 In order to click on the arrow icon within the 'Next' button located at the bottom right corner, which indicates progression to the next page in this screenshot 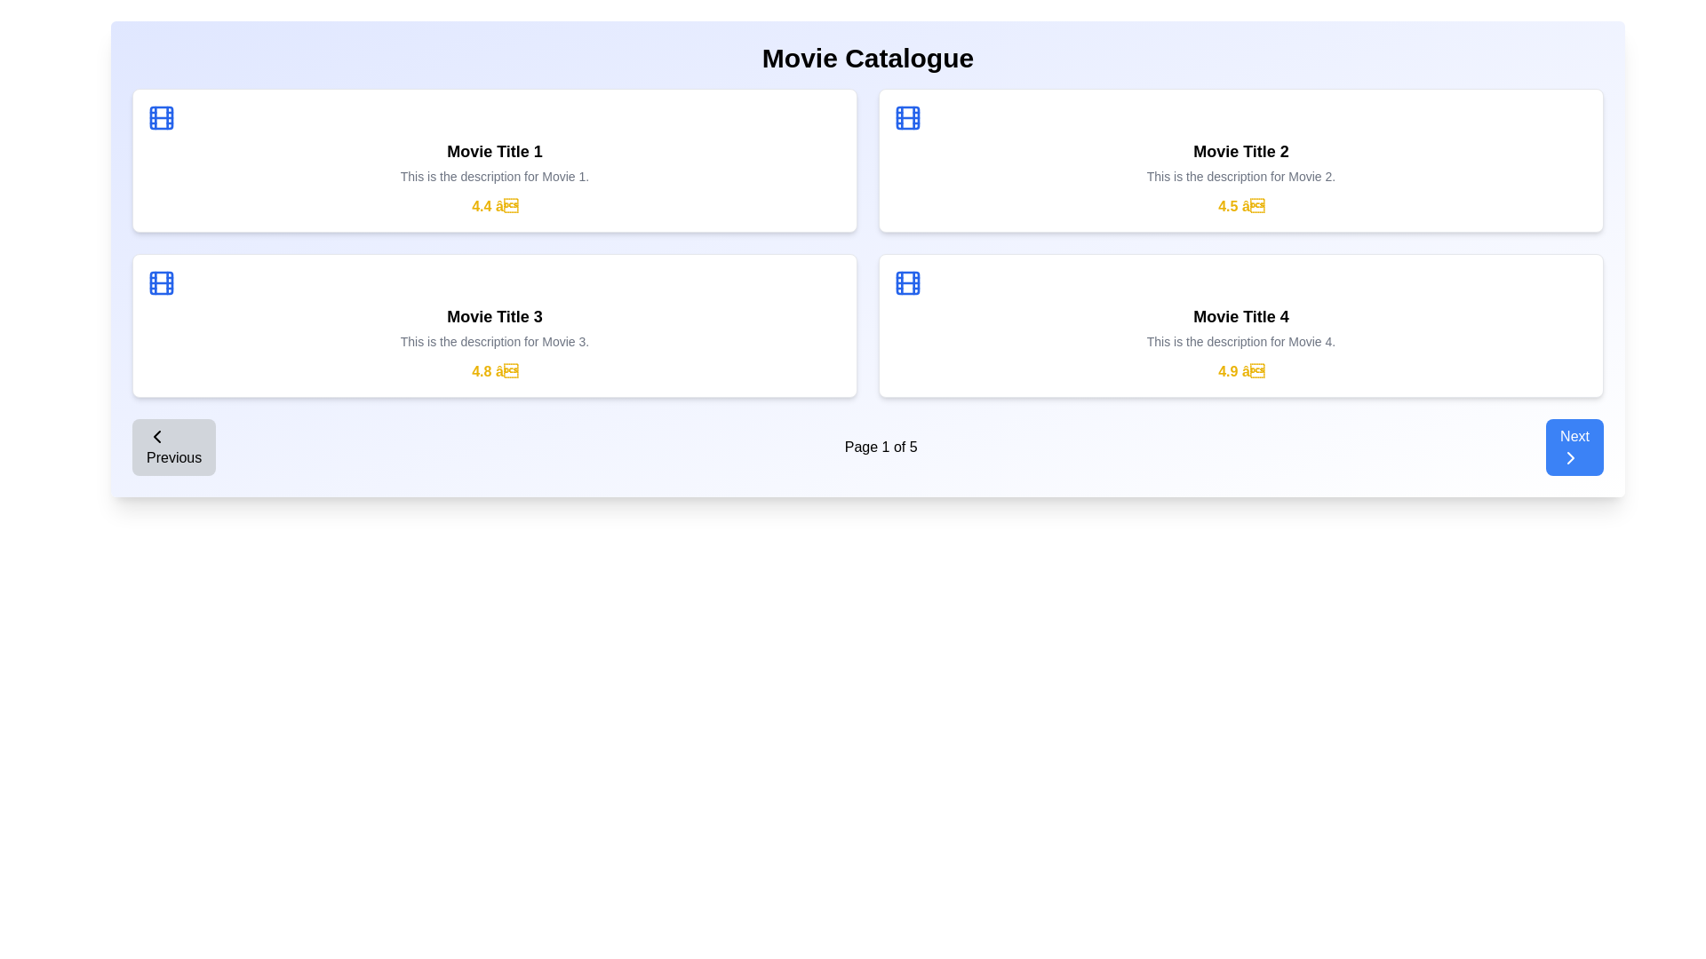, I will do `click(1571, 457)`.